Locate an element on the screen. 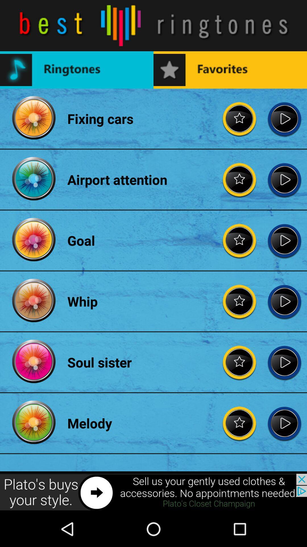 The width and height of the screenshot is (307, 547). rate goal star is located at coordinates (240, 240).